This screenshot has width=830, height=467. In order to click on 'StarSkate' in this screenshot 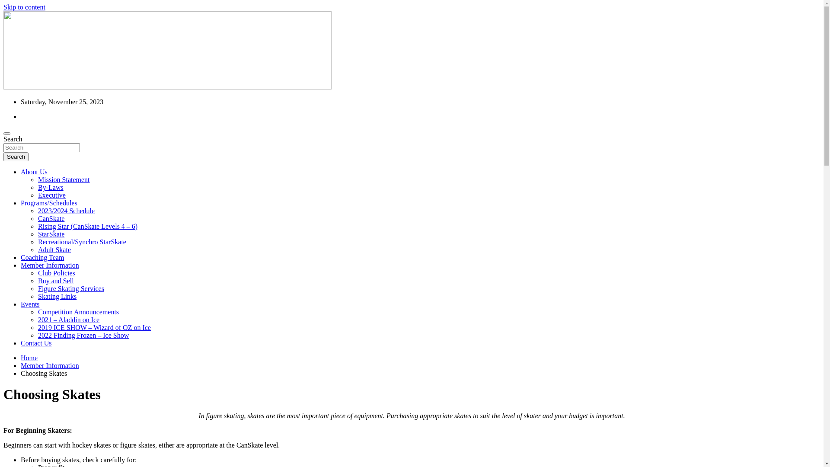, I will do `click(51, 234)`.